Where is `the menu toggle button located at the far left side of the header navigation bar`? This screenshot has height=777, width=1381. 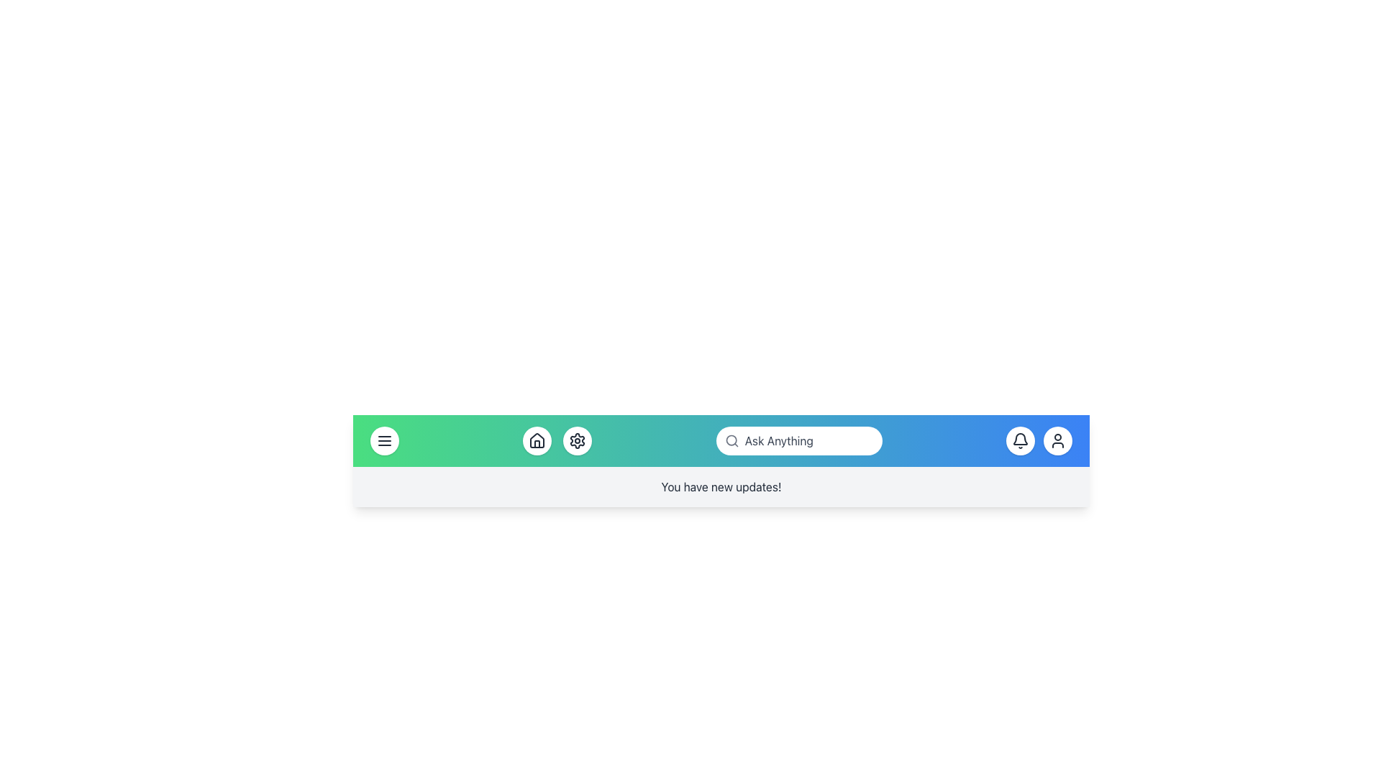
the menu toggle button located at the far left side of the header navigation bar is located at coordinates (384, 440).